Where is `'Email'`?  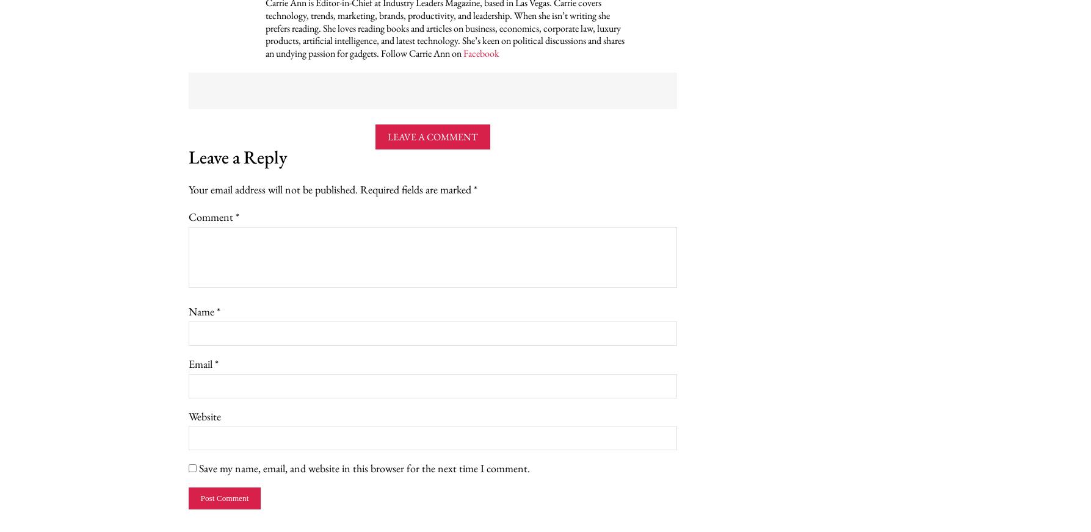 'Email' is located at coordinates (200, 363).